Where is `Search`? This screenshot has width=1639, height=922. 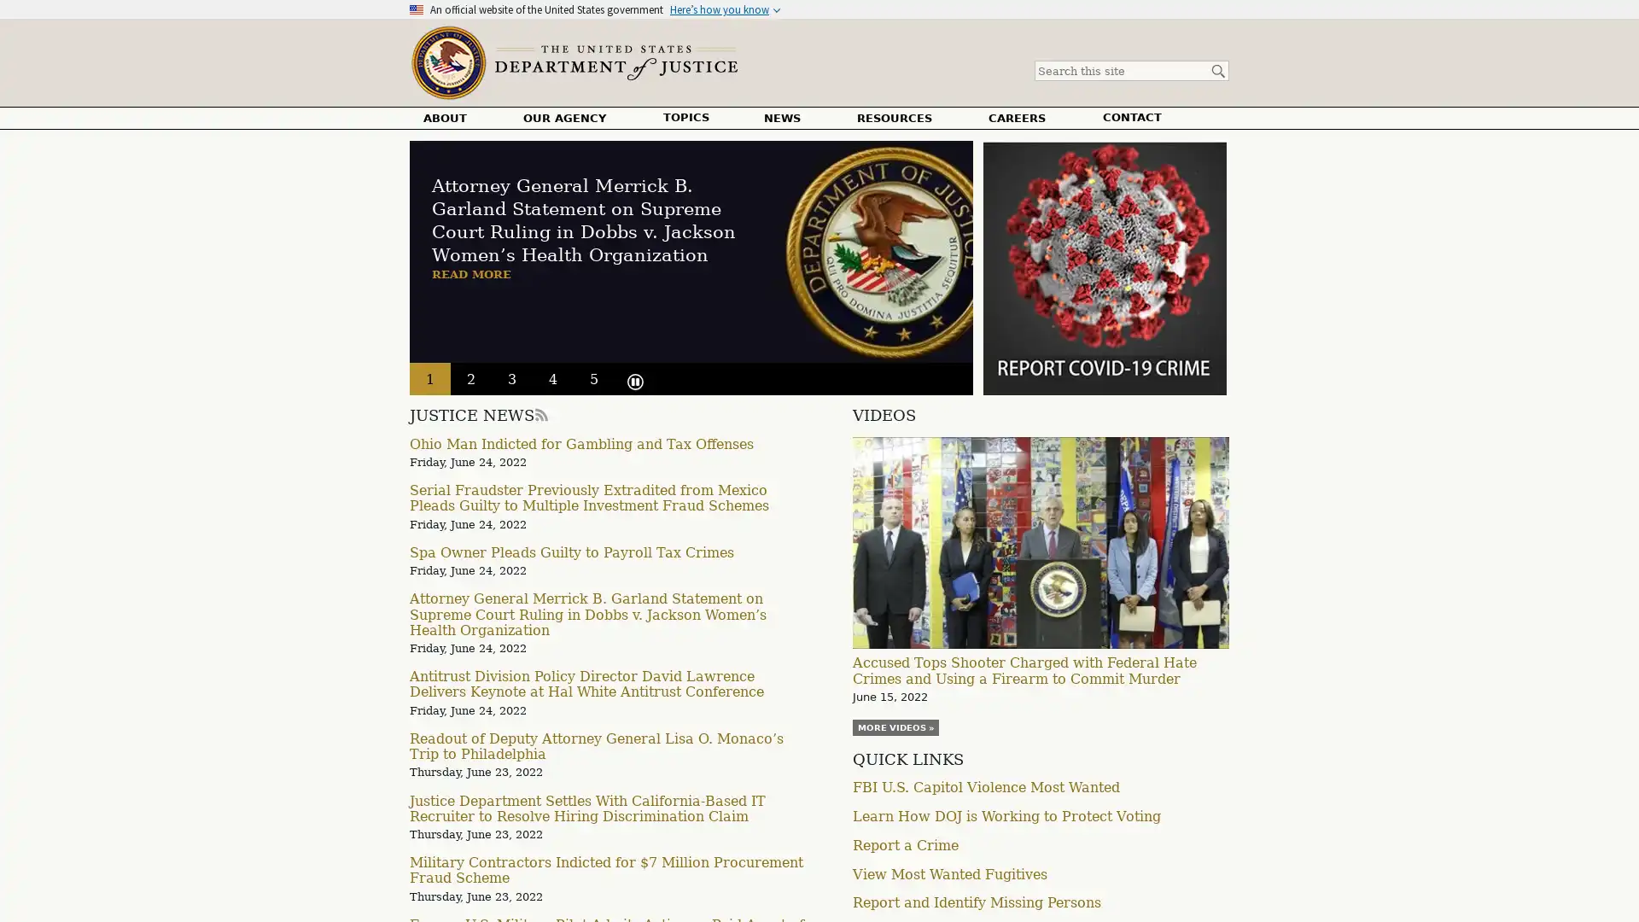 Search is located at coordinates (1216, 71).